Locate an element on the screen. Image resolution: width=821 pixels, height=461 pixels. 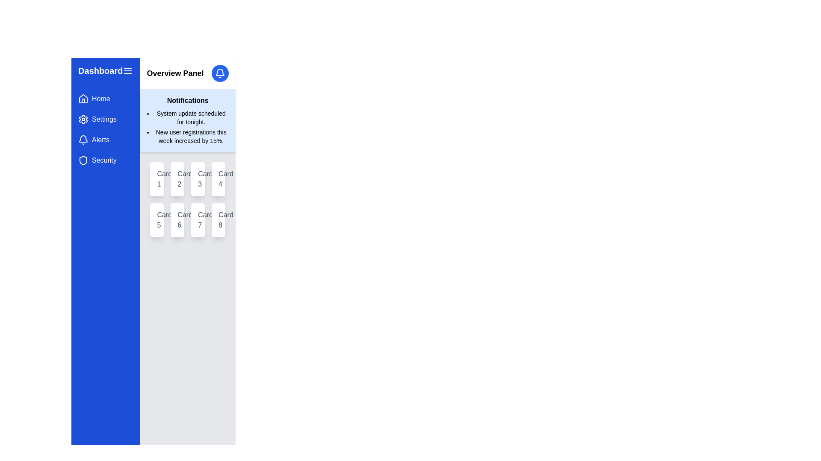
the house icon detail located centrally above the 'Home' text label in the sidebar is located at coordinates (83, 100).